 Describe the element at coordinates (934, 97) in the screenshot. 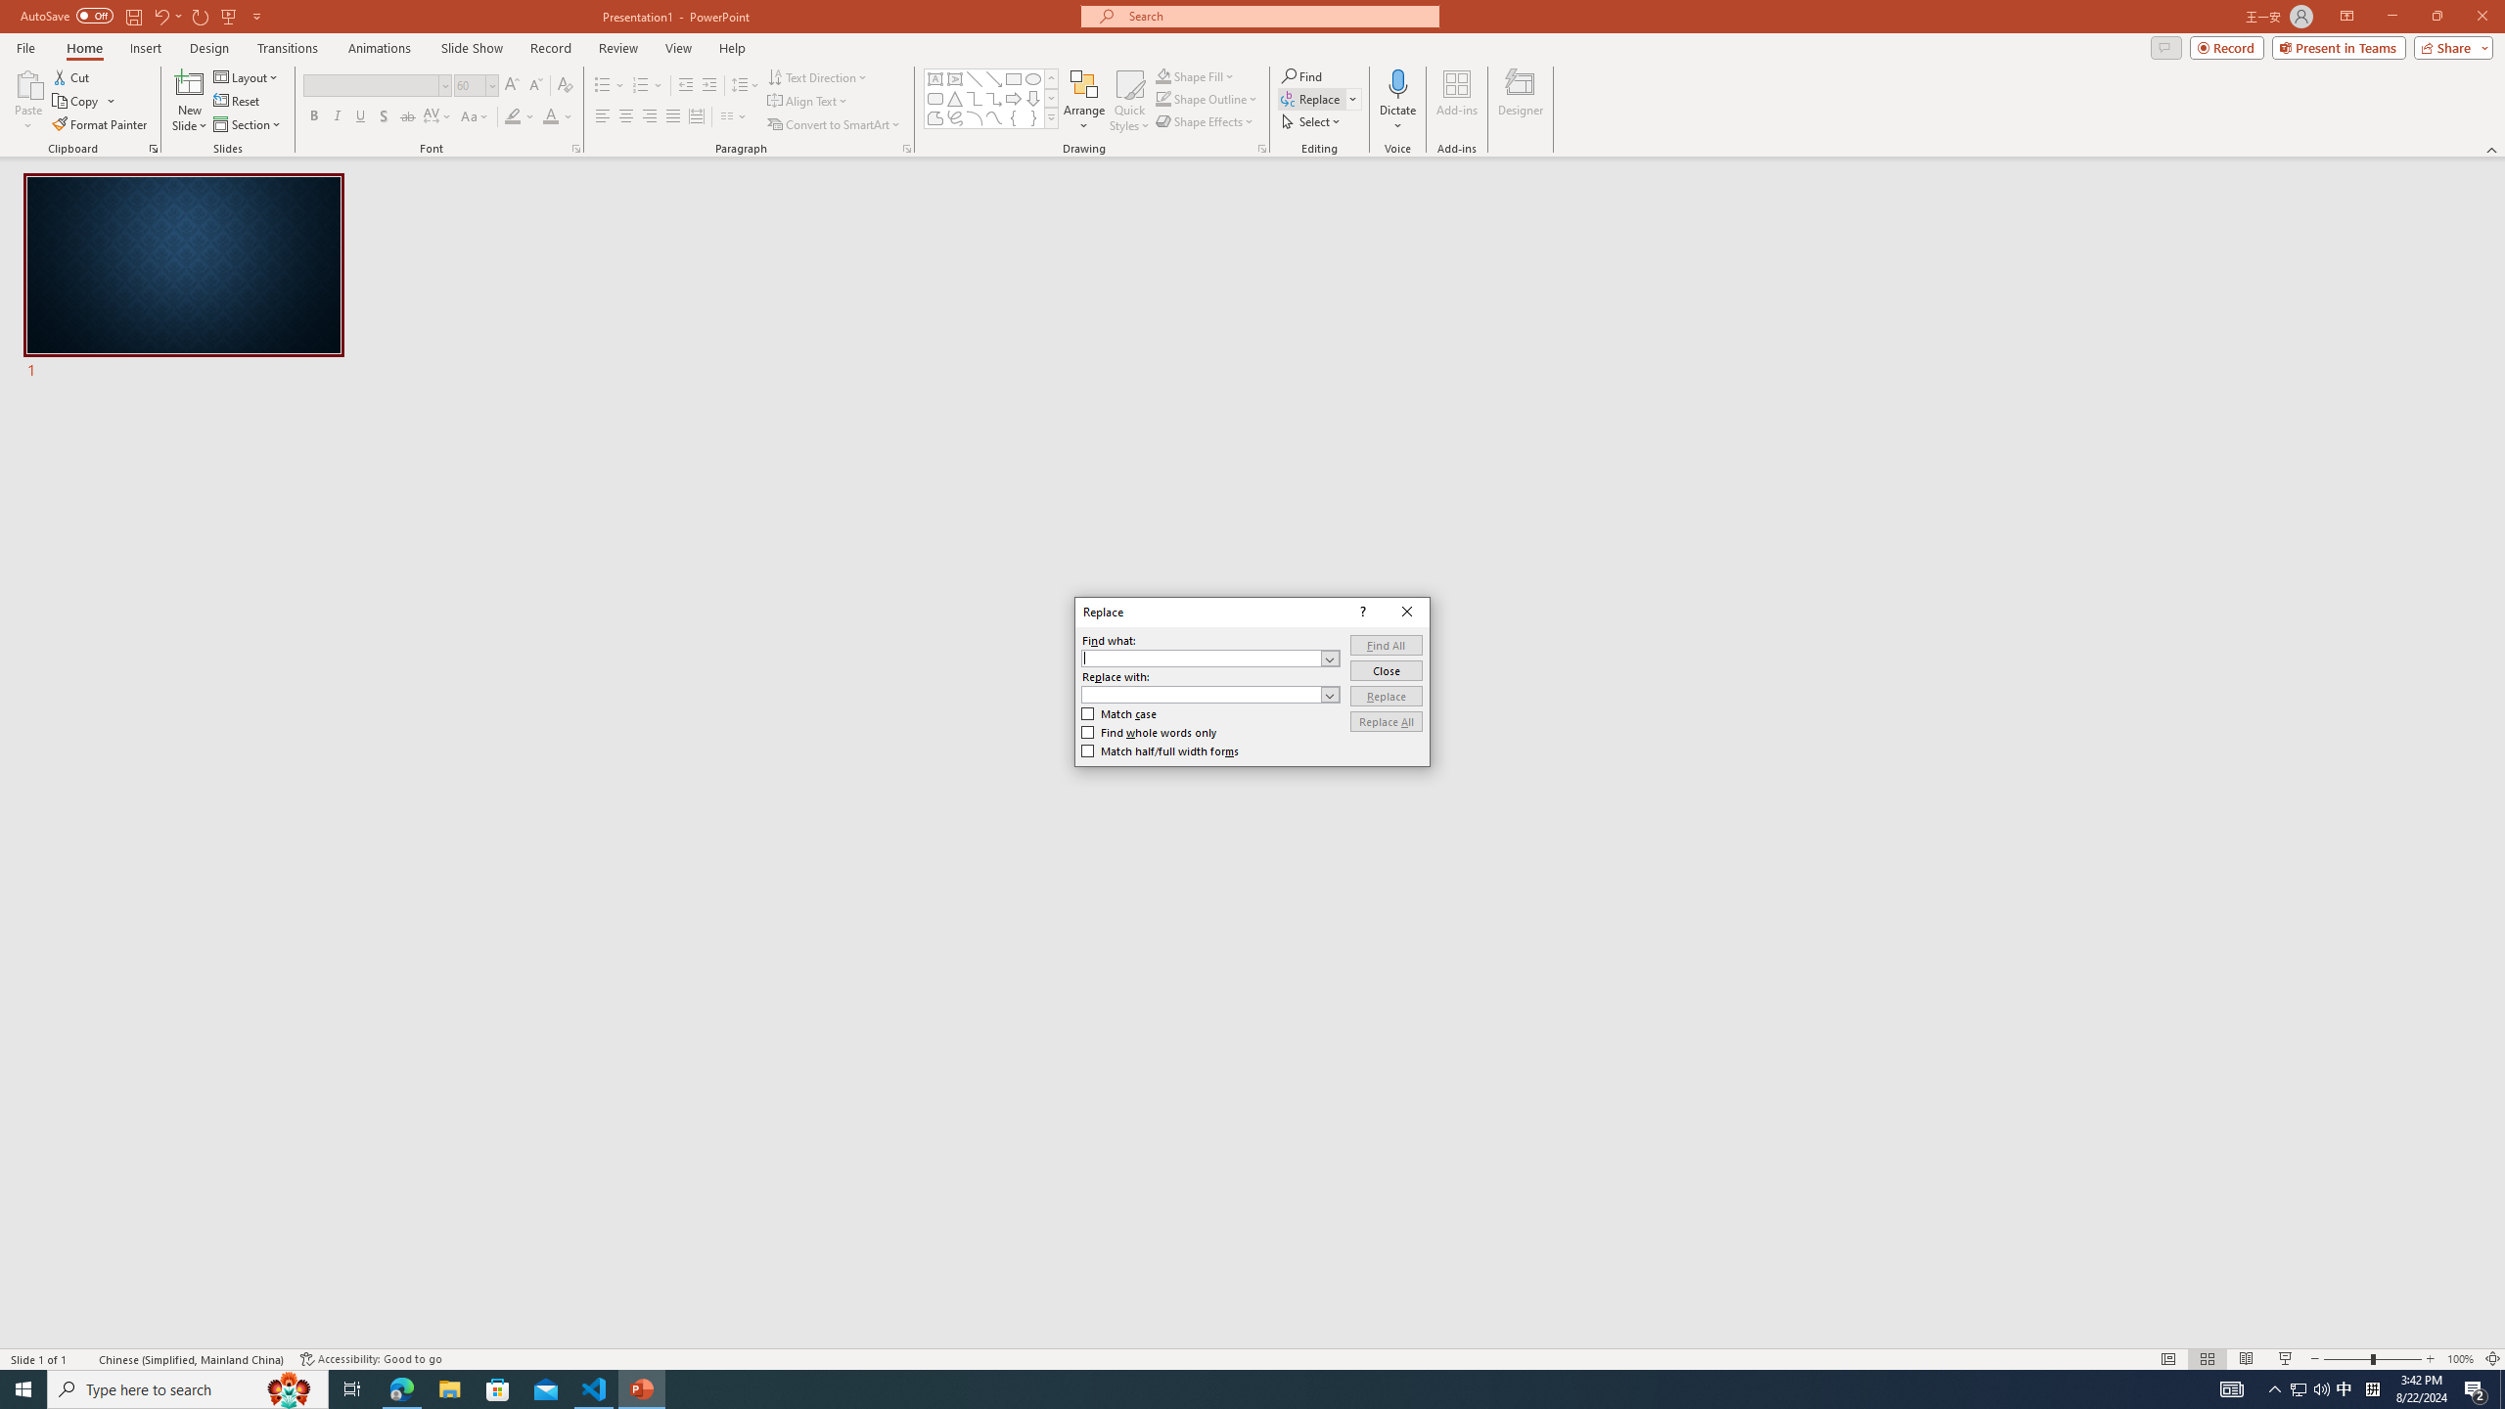

I see `'Rectangle: Rounded Corners'` at that location.